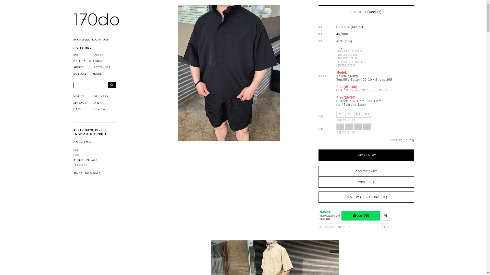  Describe the element at coordinates (101, 96) in the screenshot. I see `'DELIVERY'` at that location.